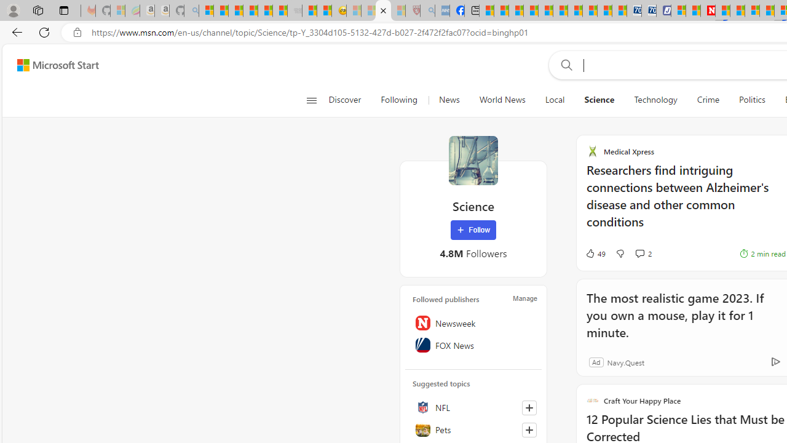  I want to click on 'Latest Politics News & Archive | Newsweek.com', so click(708, 10).